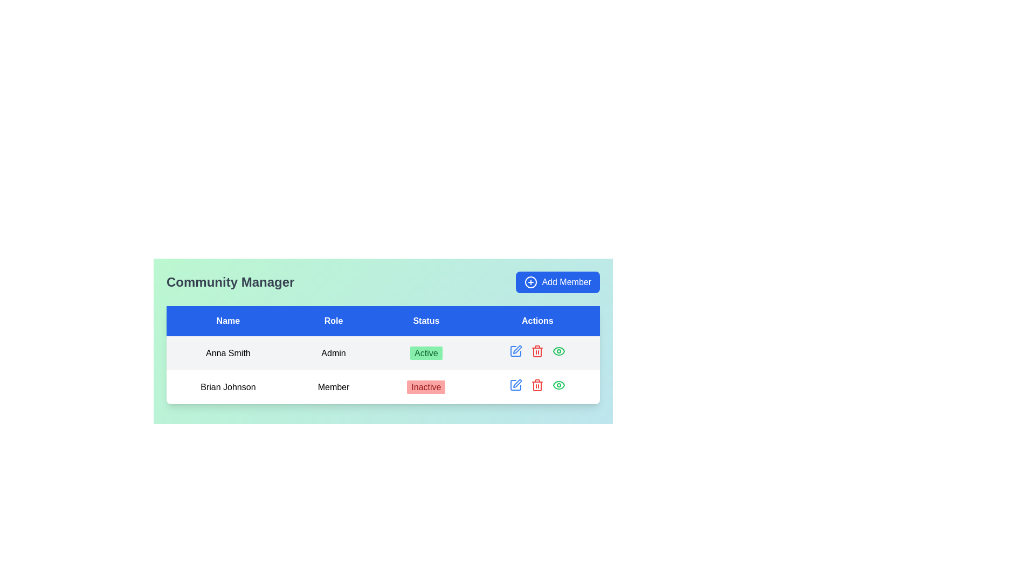 The width and height of the screenshot is (1035, 582). Describe the element at coordinates (333, 321) in the screenshot. I see `the Table Header Cell that labels the 'Role' column, which is the second header cell located between the 'Name' and 'Status' headers` at that location.